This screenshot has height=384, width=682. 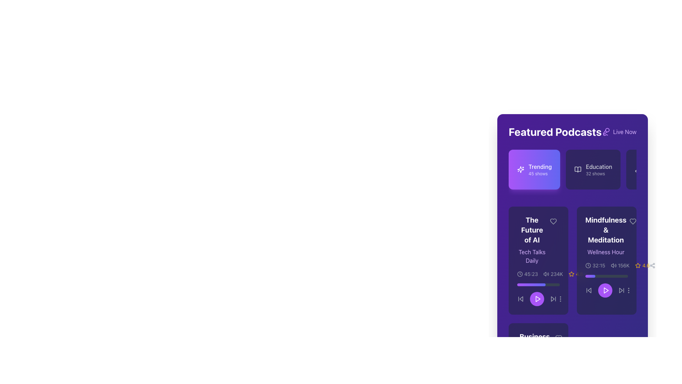 What do you see at coordinates (523, 284) in the screenshot?
I see `the slider value` at bounding box center [523, 284].